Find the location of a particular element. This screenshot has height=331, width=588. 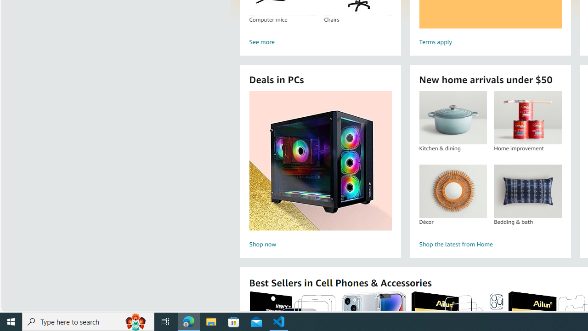

'Kitchen & dining' is located at coordinates (453, 117).